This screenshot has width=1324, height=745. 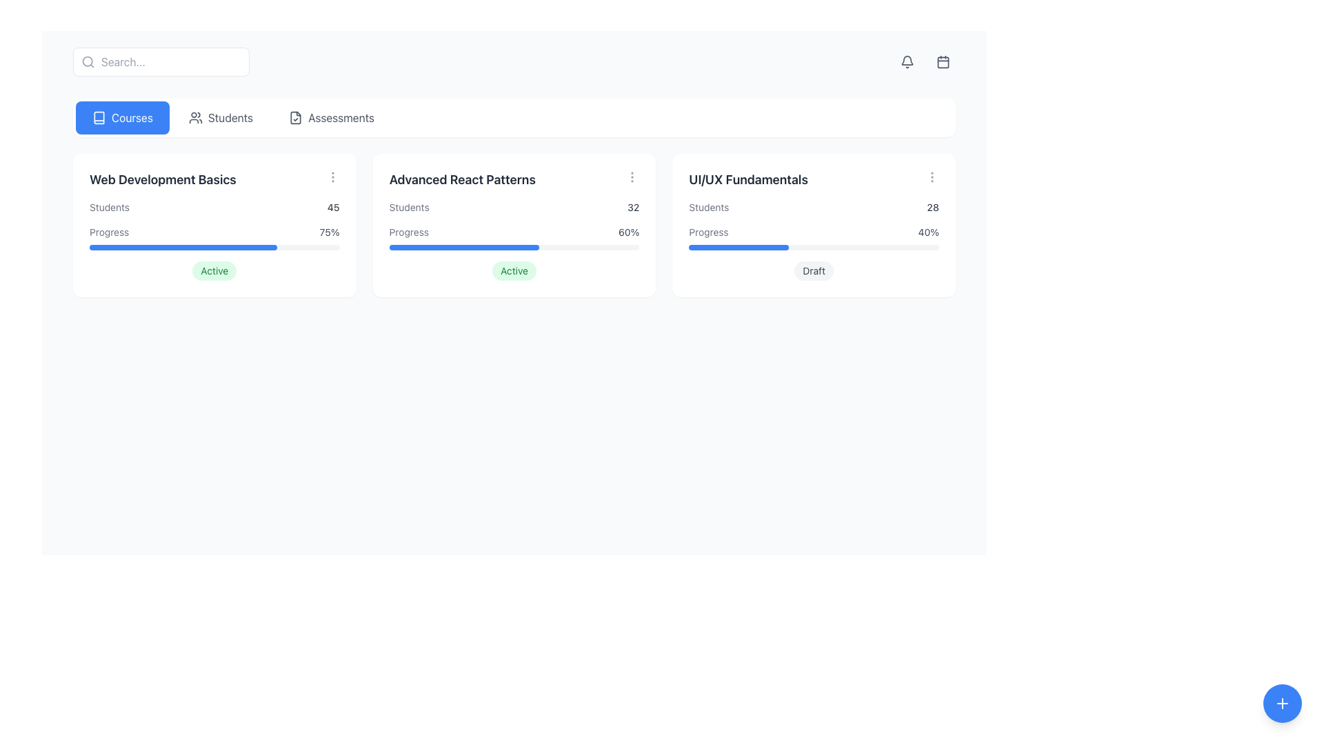 I want to click on the 'Courses' icon in the navigation bar, so click(x=99, y=117).